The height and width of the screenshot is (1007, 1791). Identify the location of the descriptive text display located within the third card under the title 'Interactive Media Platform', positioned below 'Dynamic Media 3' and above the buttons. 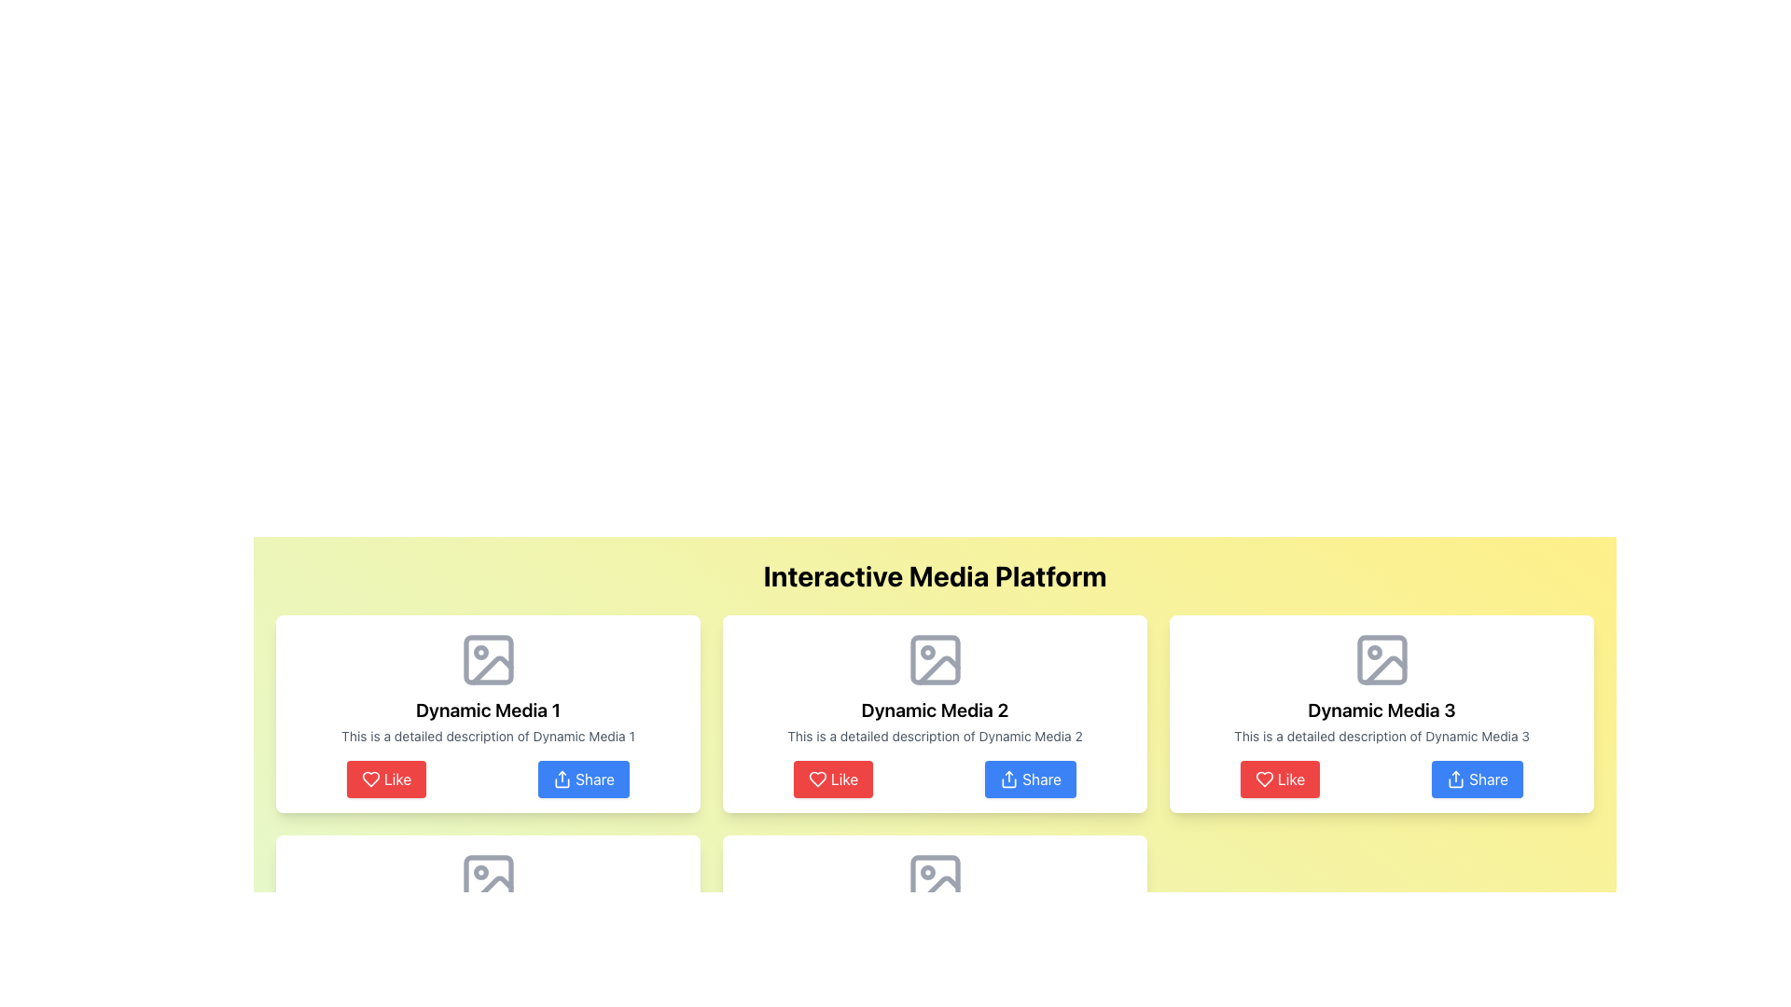
(1381, 736).